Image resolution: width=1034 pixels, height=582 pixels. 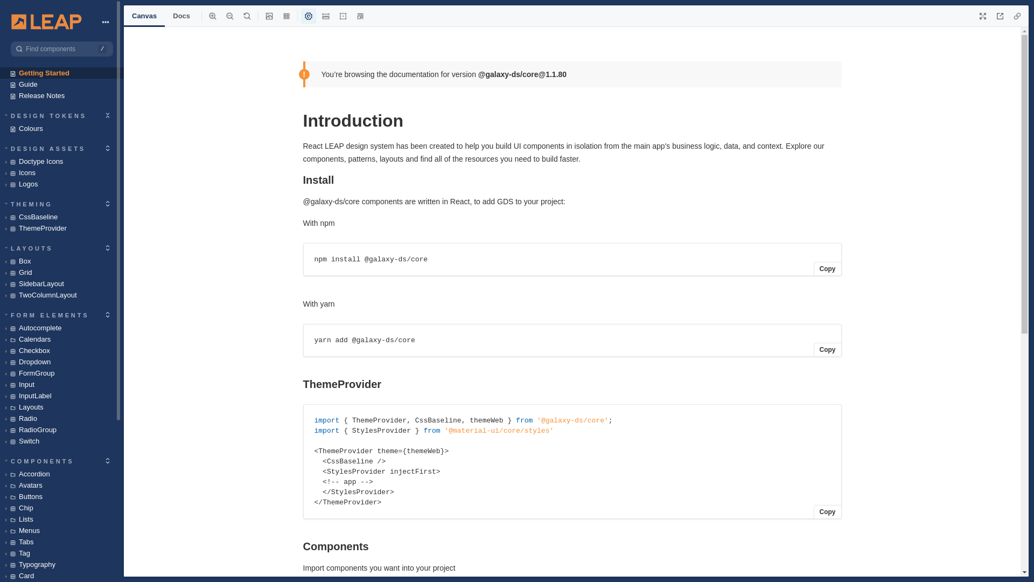 What do you see at coordinates (0, 508) in the screenshot?
I see `'Chip'` at bounding box center [0, 508].